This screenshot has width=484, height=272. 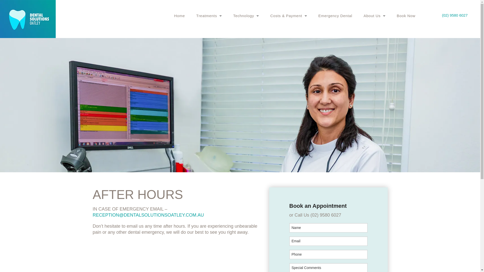 What do you see at coordinates (208, 28) in the screenshot?
I see `'Anxiety at the dentist'` at bounding box center [208, 28].